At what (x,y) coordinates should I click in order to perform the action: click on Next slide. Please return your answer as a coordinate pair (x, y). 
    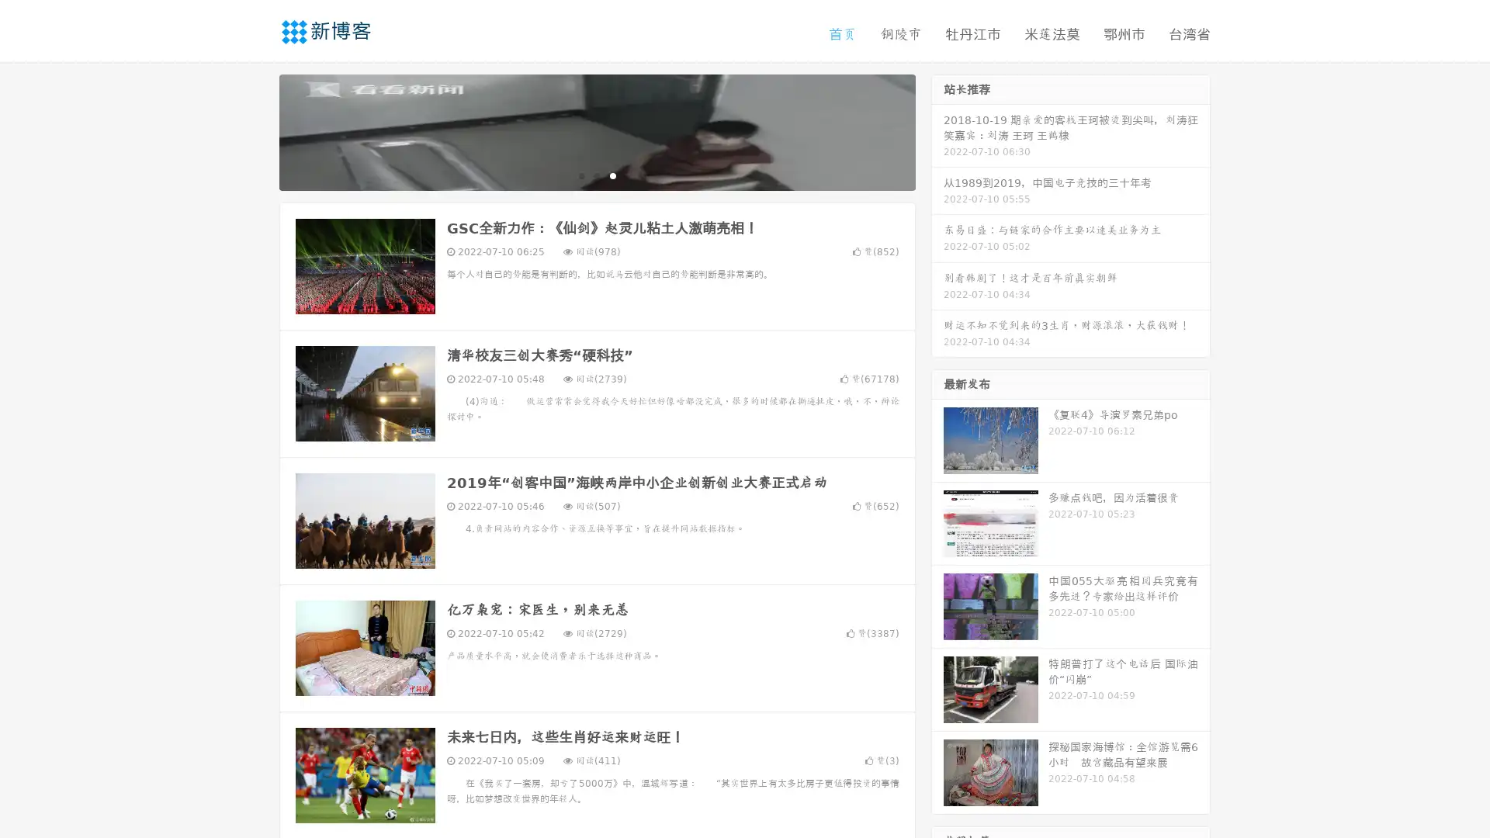
    Looking at the image, I should click on (937, 130).